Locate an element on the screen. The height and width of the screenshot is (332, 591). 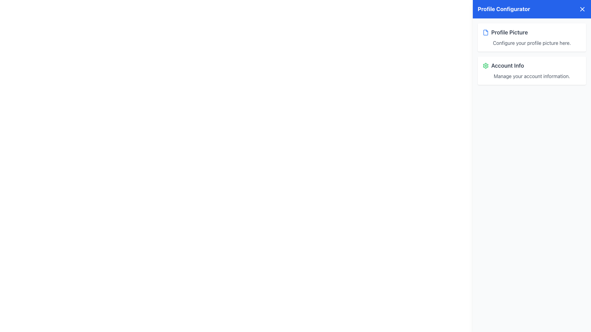
the document icon located in the top-left corner of the 'Profile Picture' section, which is styled with a bold outline and primarily blue in color is located at coordinates (485, 32).